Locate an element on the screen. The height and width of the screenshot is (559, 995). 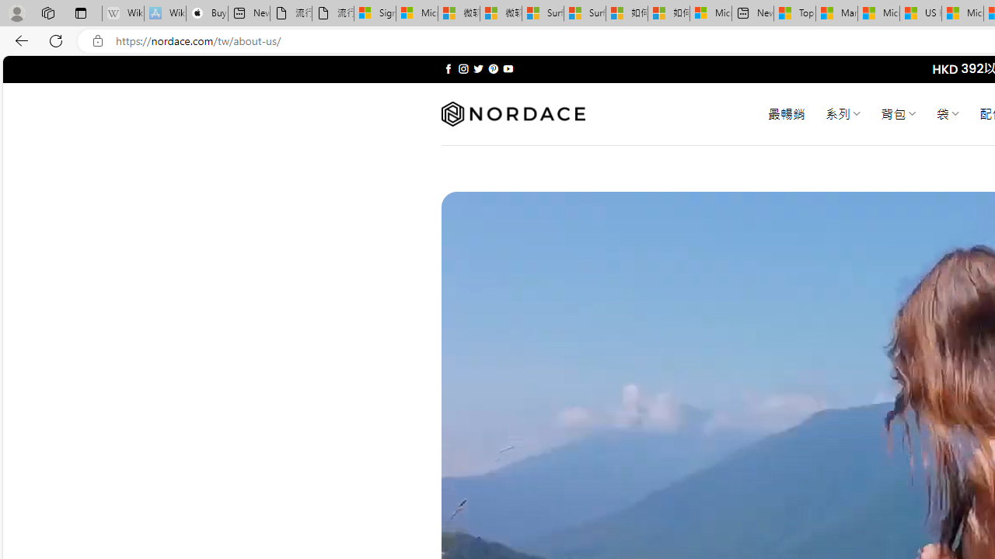
'Follow on YouTube' is located at coordinates (508, 68).